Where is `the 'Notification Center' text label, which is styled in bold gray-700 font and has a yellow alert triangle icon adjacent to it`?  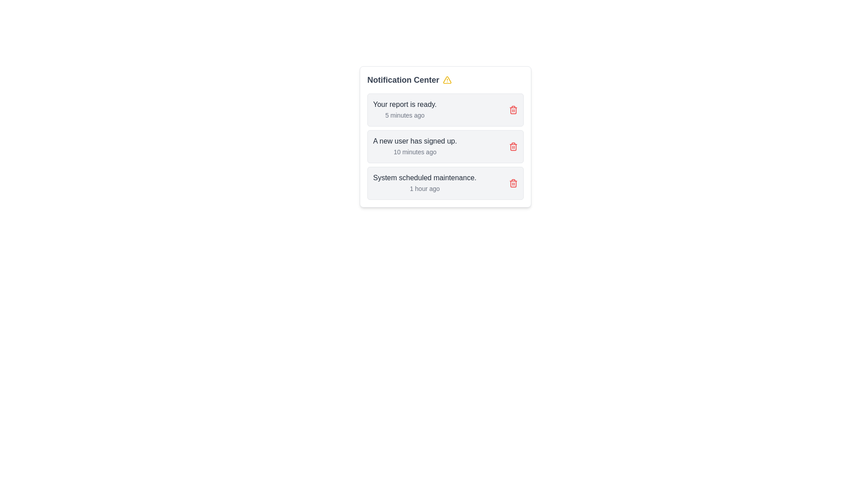
the 'Notification Center' text label, which is styled in bold gray-700 font and has a yellow alert triangle icon adjacent to it is located at coordinates (446, 79).